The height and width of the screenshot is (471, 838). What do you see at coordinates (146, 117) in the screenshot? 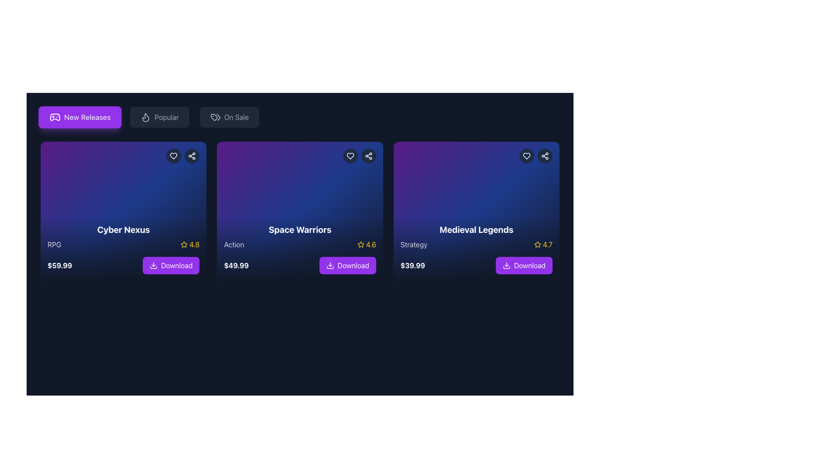
I see `the flame icon representing the 'Popular' category located at the leftmost position of the 'Popular' button group` at bounding box center [146, 117].